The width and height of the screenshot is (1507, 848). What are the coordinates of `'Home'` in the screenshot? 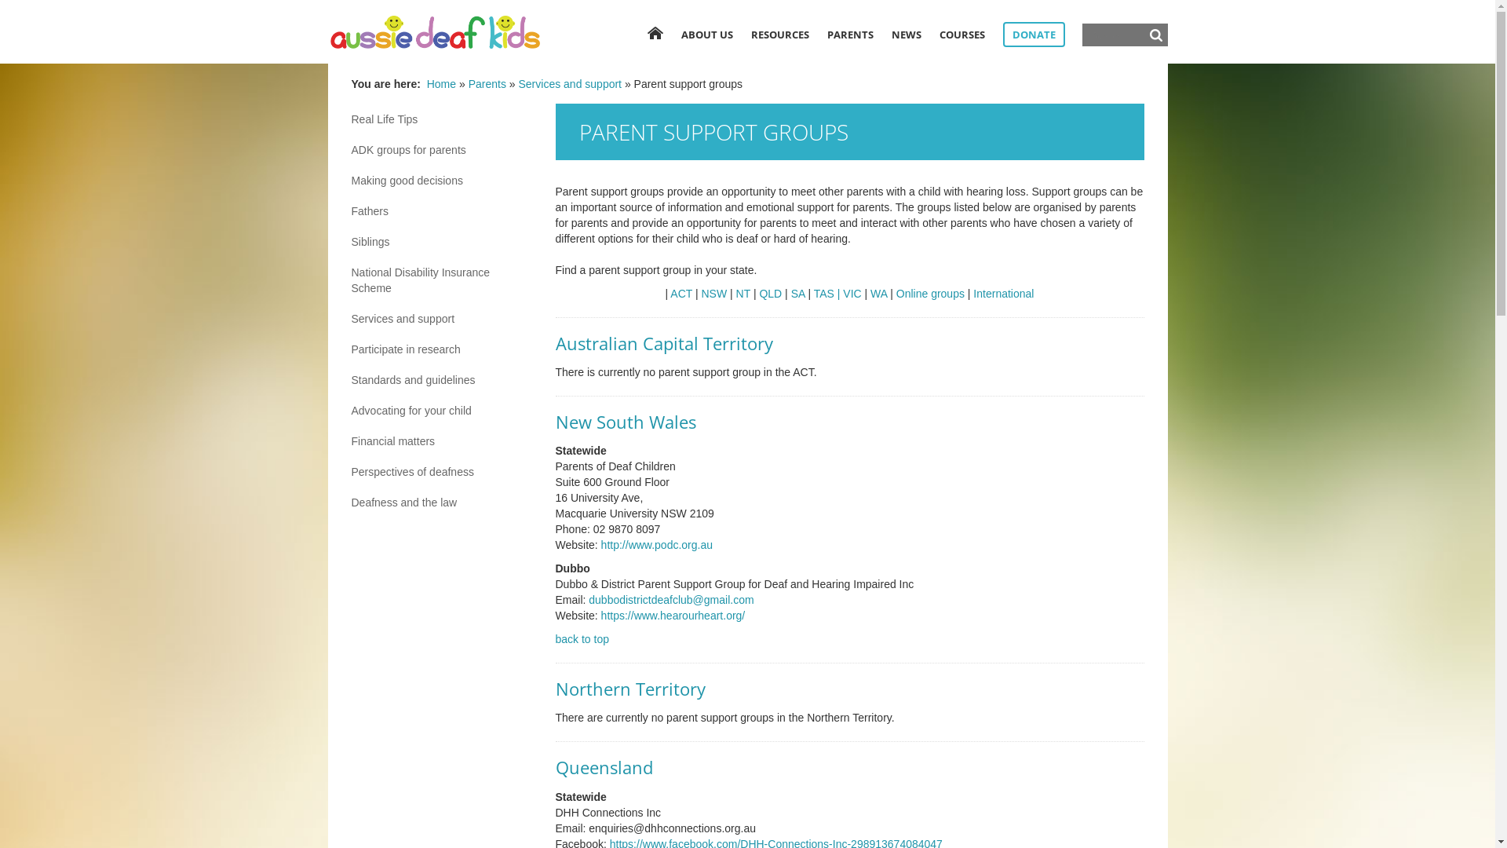 It's located at (440, 84).